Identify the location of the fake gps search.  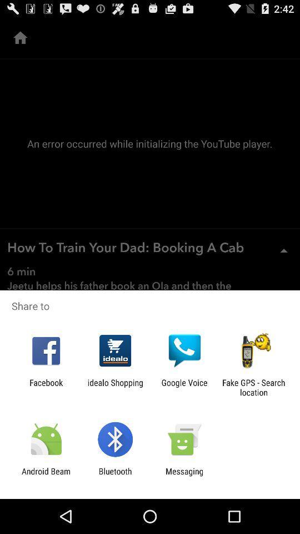
(253, 387).